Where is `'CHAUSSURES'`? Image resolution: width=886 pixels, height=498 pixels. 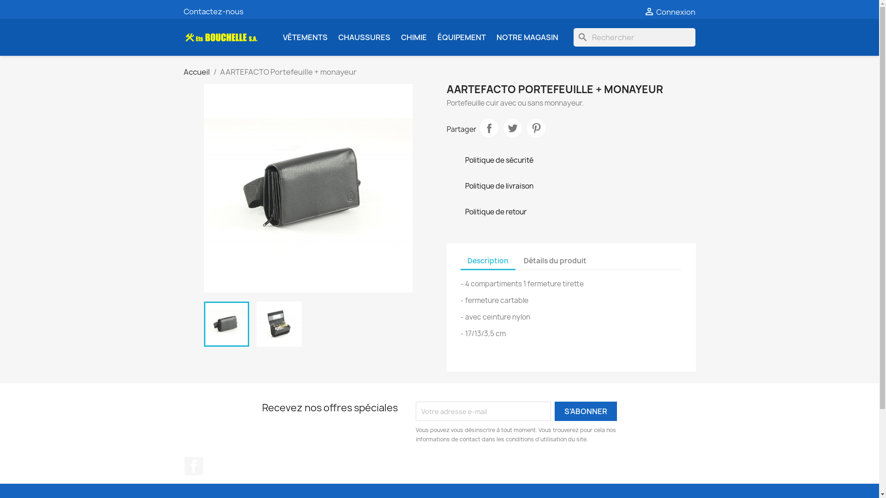
'CHAUSSURES' is located at coordinates (332, 37).